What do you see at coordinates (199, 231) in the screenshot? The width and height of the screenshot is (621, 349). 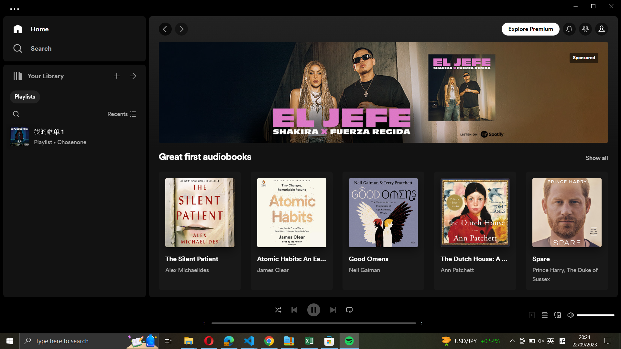 I see `Add audiobook_silent_patient to your library` at bounding box center [199, 231].